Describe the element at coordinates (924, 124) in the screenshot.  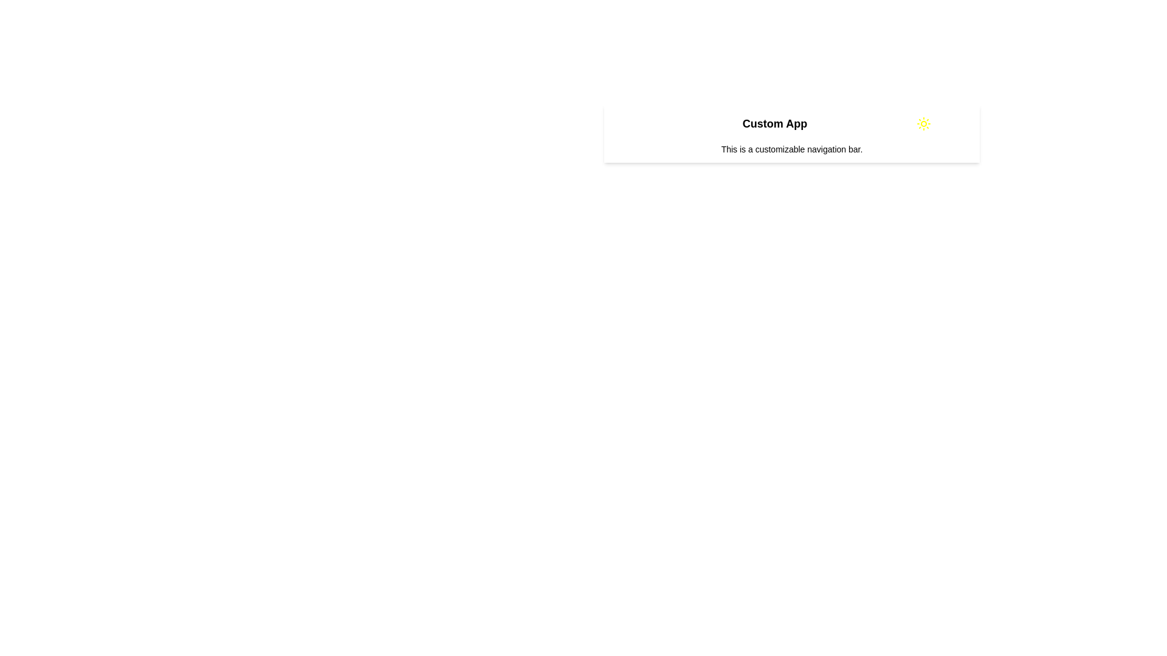
I see `the mode switch button to toggle between dark and light mode` at that location.